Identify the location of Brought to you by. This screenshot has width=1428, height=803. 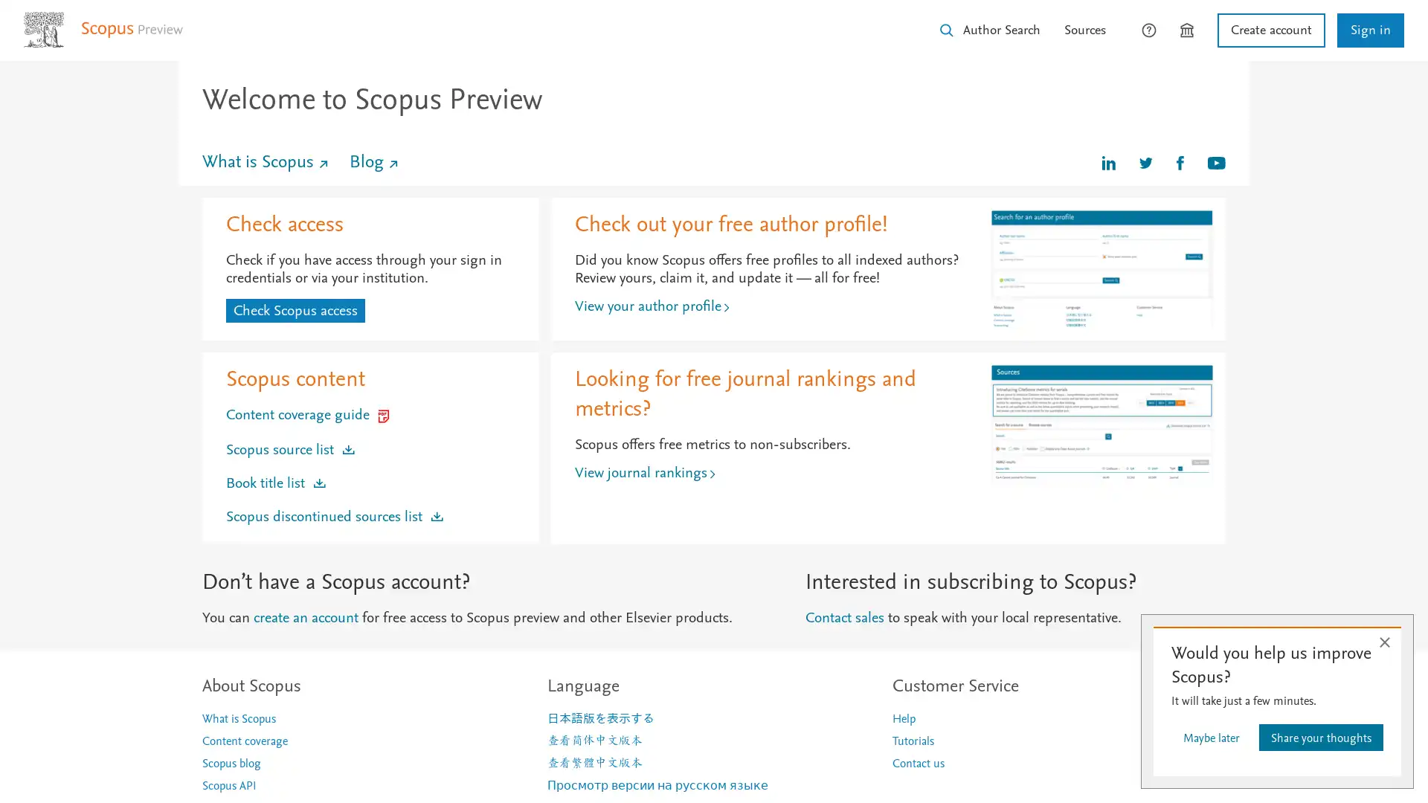
(1186, 30).